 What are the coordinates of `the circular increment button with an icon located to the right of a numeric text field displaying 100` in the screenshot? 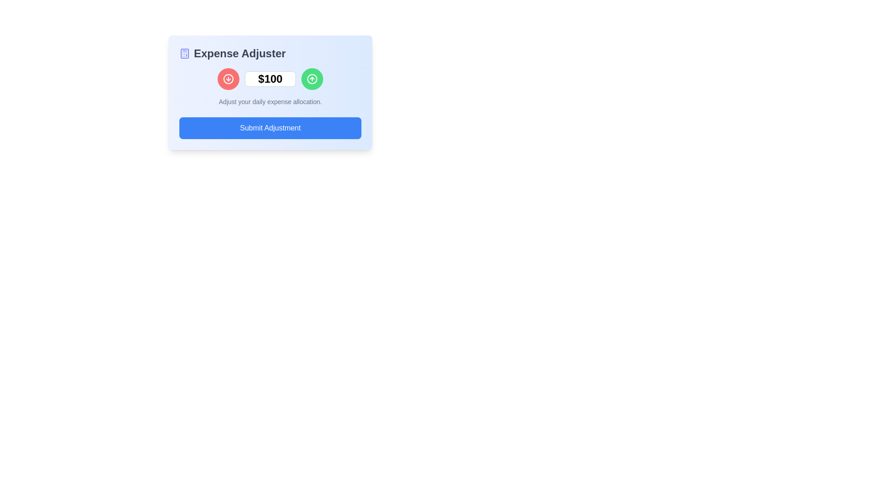 It's located at (312, 78).